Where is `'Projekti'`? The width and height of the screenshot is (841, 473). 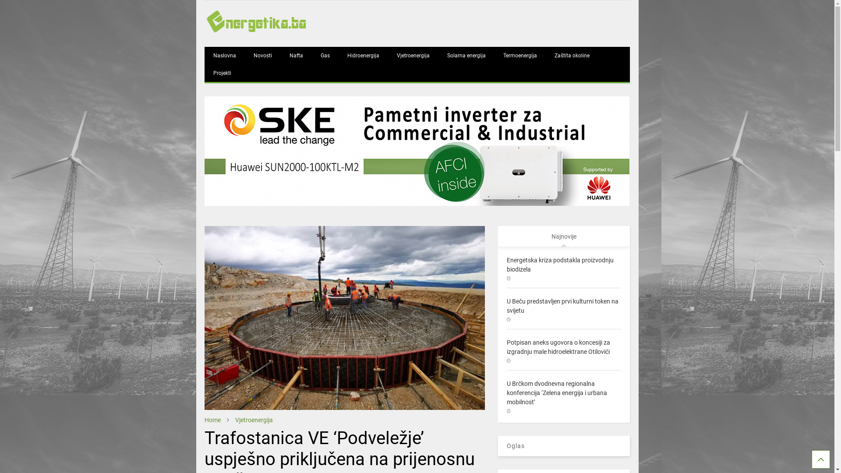 'Projekti' is located at coordinates (222, 72).